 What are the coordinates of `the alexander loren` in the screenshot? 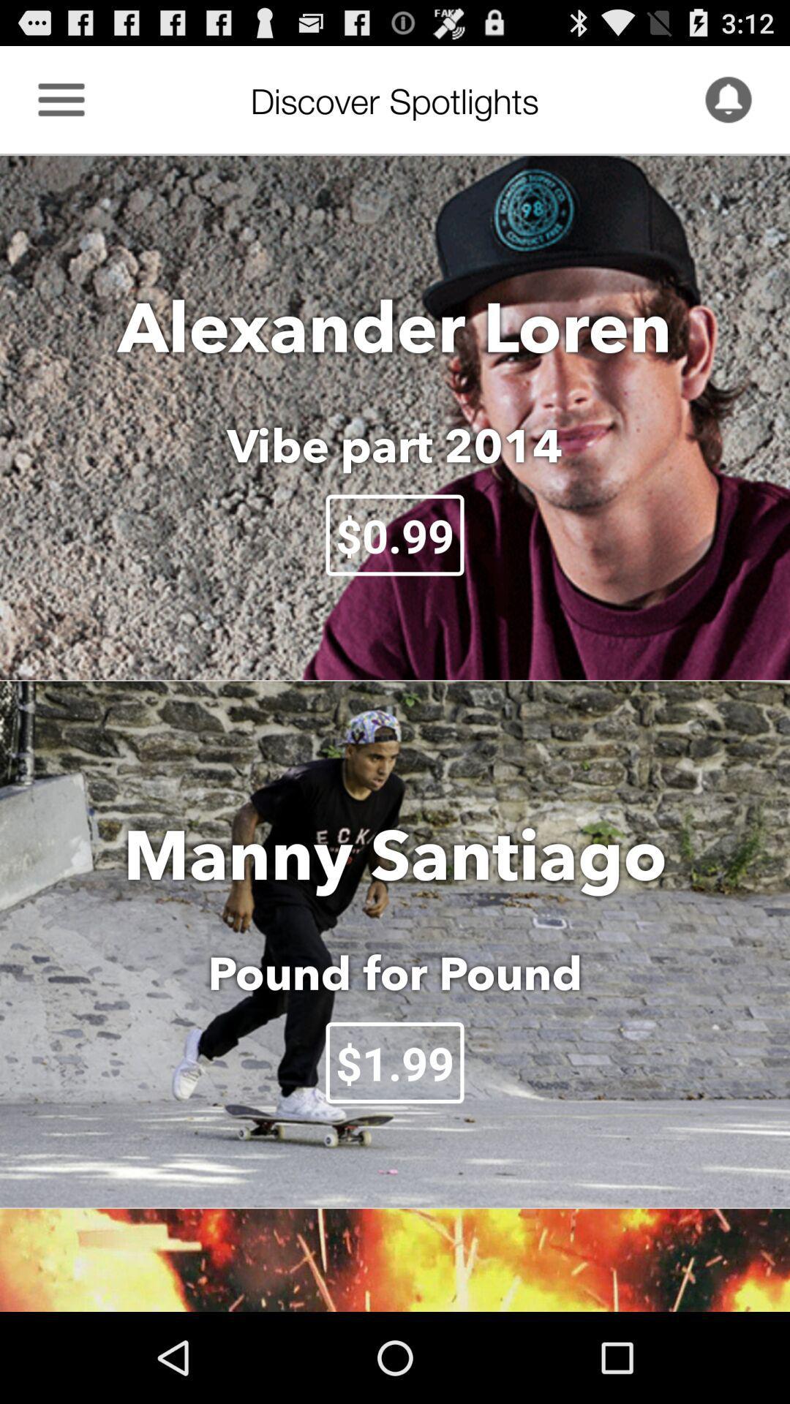 It's located at (395, 325).